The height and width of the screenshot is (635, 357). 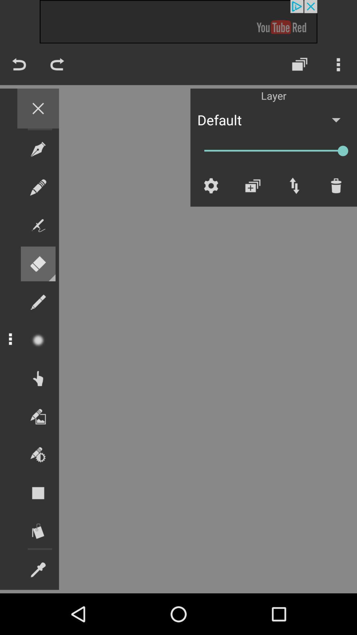 I want to click on the undo icon, so click(x=19, y=64).